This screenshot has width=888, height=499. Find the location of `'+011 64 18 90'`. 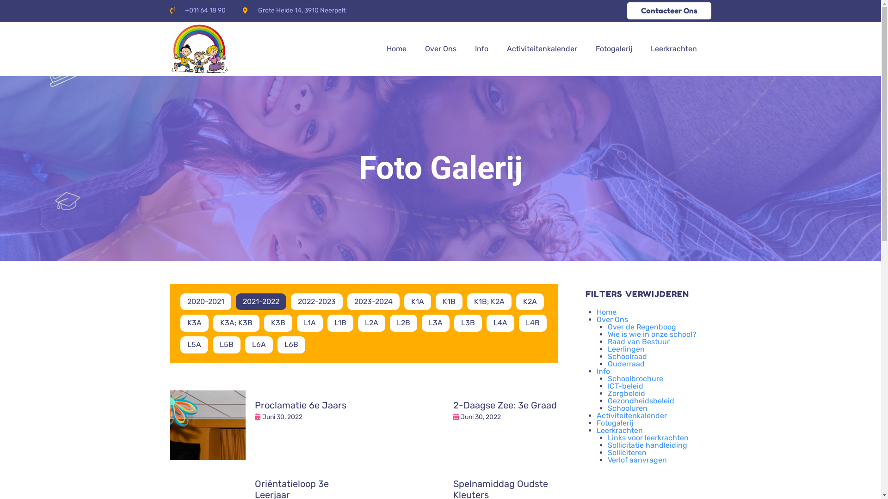

'+011 64 18 90' is located at coordinates (170, 11).